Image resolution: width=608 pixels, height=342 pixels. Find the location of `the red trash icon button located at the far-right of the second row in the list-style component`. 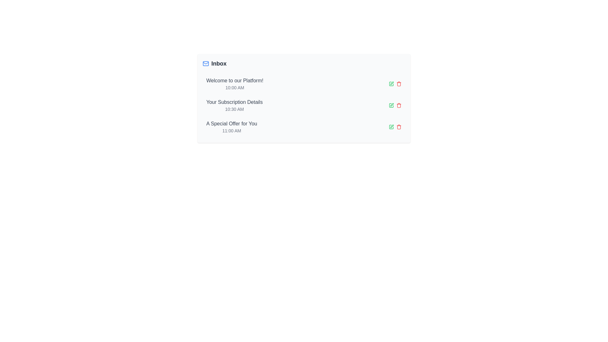

the red trash icon button located at the far-right of the second row in the list-style component is located at coordinates (398, 84).